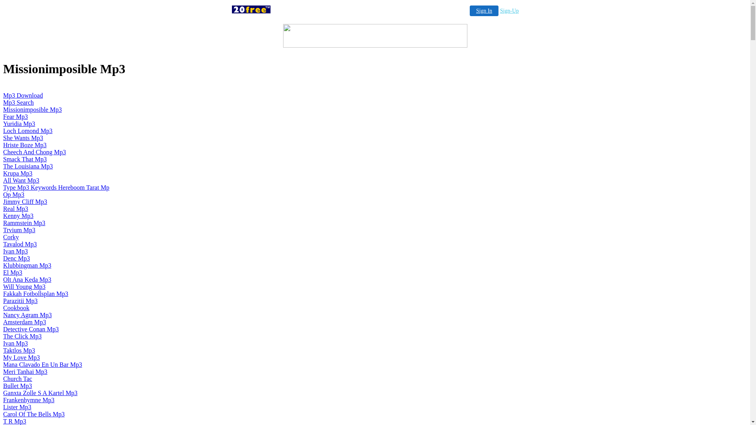  Describe the element at coordinates (24, 322) in the screenshot. I see `'Amsterdam Mp3'` at that location.